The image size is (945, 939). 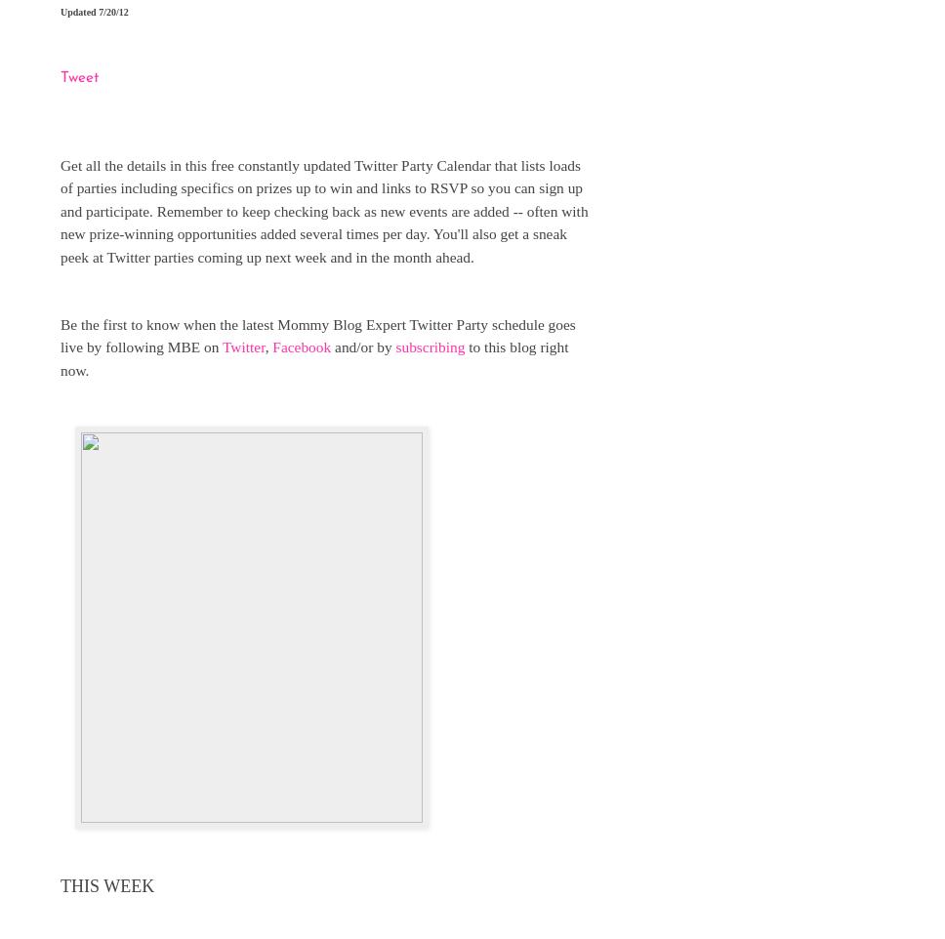 What do you see at coordinates (94, 10) in the screenshot?
I see `'Updated 7/20/12'` at bounding box center [94, 10].